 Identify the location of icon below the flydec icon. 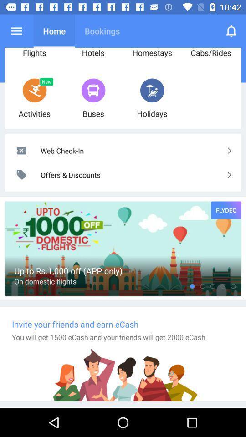
(213, 285).